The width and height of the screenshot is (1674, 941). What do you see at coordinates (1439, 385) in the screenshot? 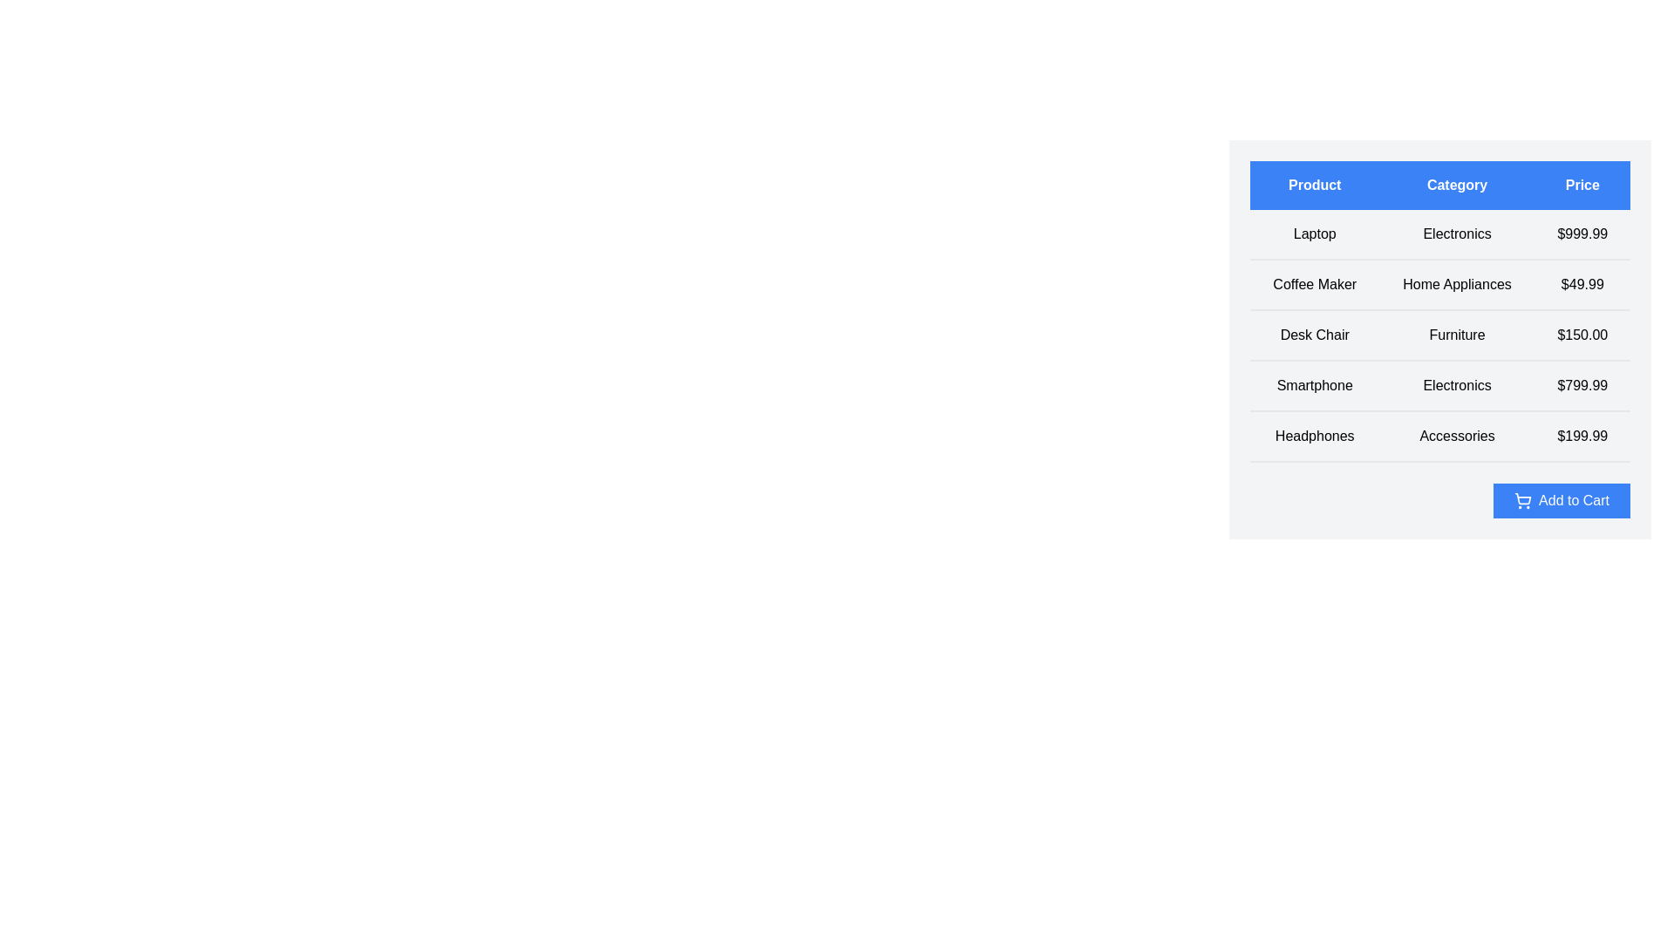
I see `the fourth row of the product listing table, located beneath the 'Desk Chair' row and above the 'Headphones' row` at bounding box center [1439, 385].